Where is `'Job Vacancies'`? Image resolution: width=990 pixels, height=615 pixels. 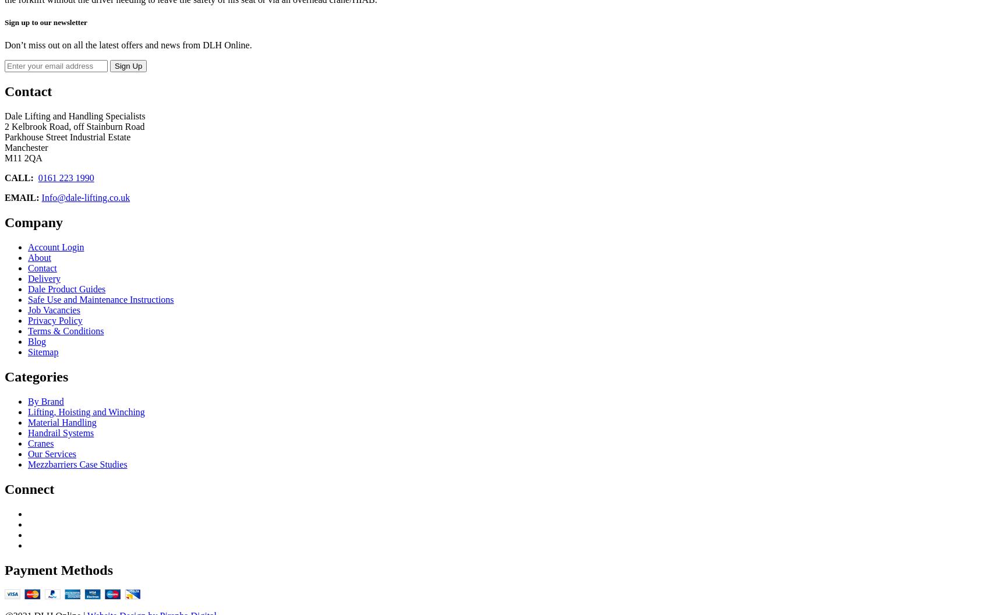
'Job Vacancies' is located at coordinates (27, 310).